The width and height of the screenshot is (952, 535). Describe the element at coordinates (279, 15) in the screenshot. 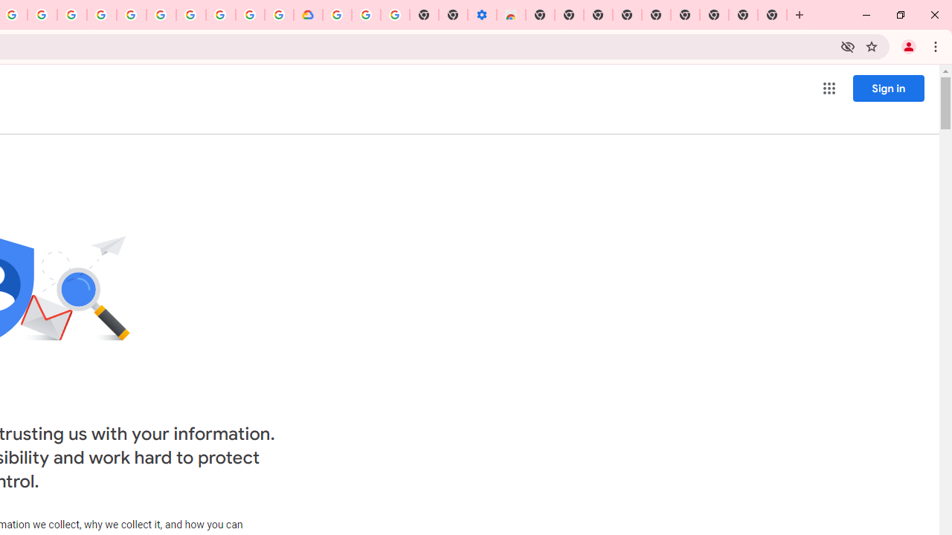

I see `'Browse the Google Chrome Community - Google Chrome Community'` at that location.